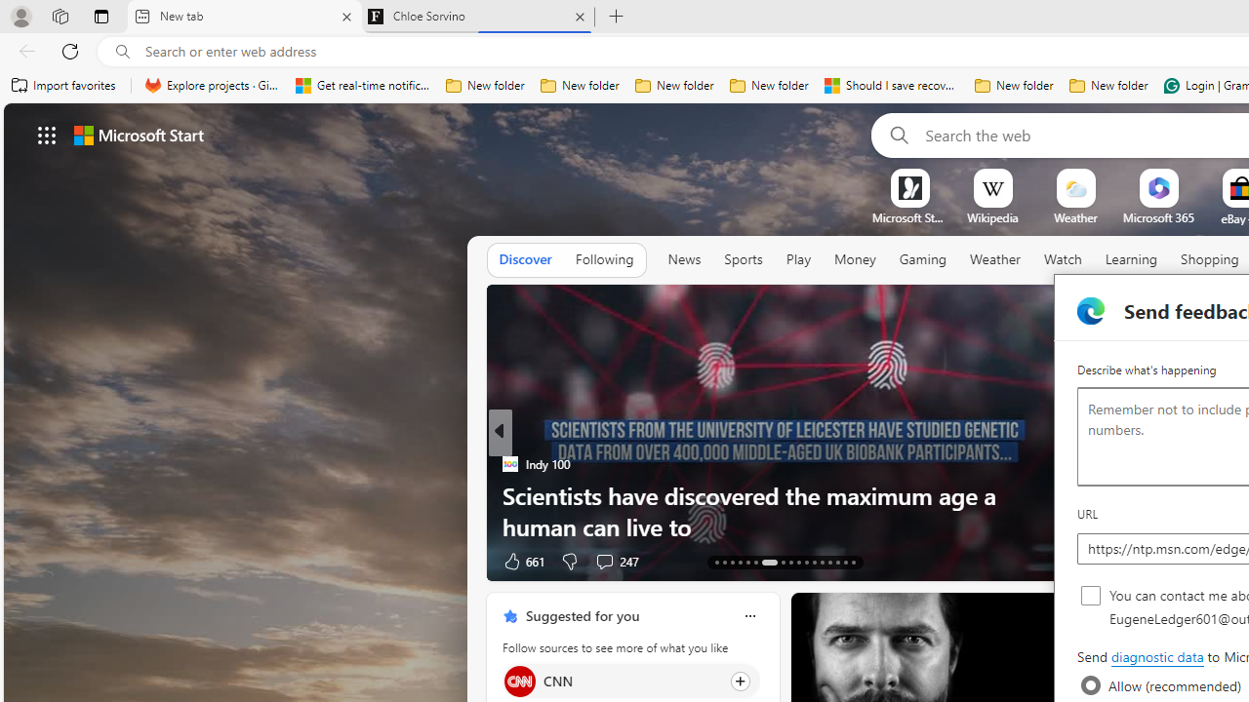  Describe the element at coordinates (908, 217) in the screenshot. I see `'Microsoft Start Gaming'` at that location.